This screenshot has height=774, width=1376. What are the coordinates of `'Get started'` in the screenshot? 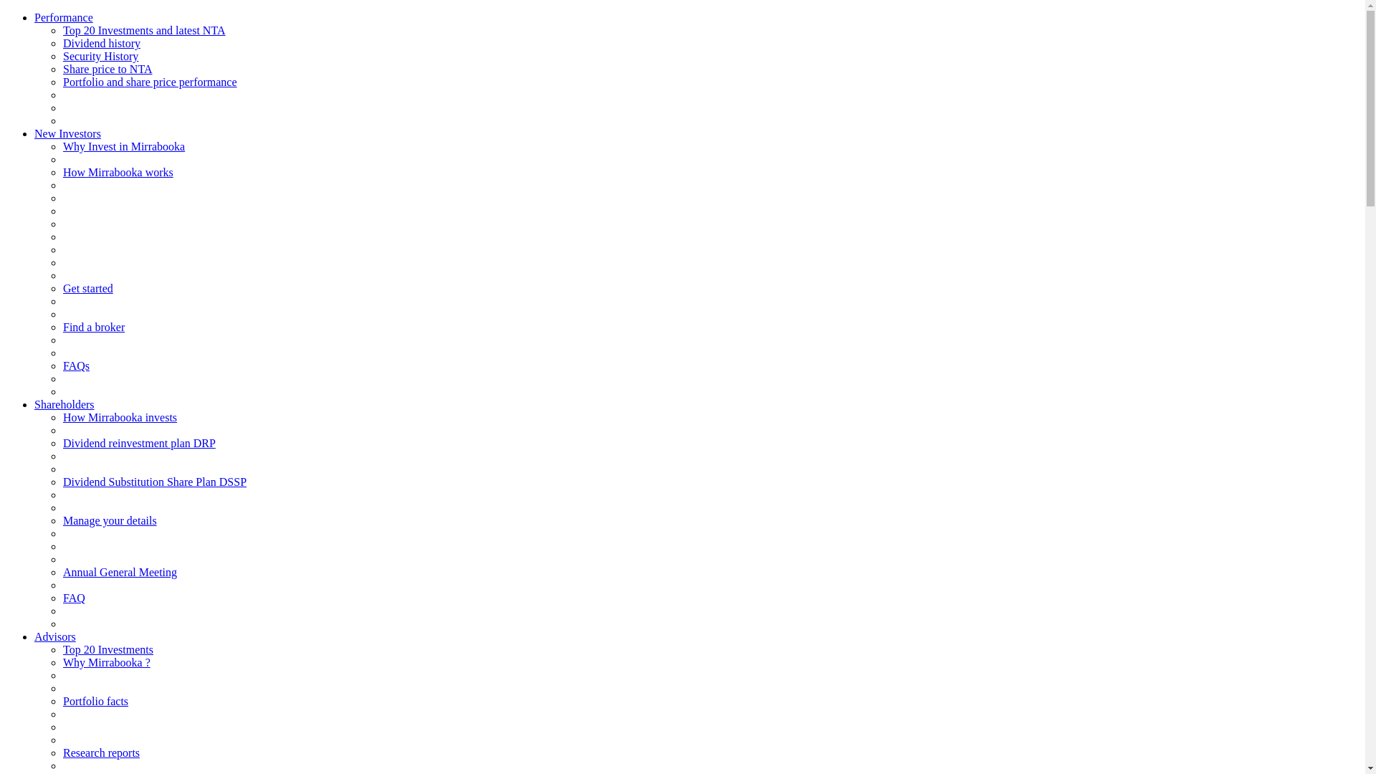 It's located at (87, 288).